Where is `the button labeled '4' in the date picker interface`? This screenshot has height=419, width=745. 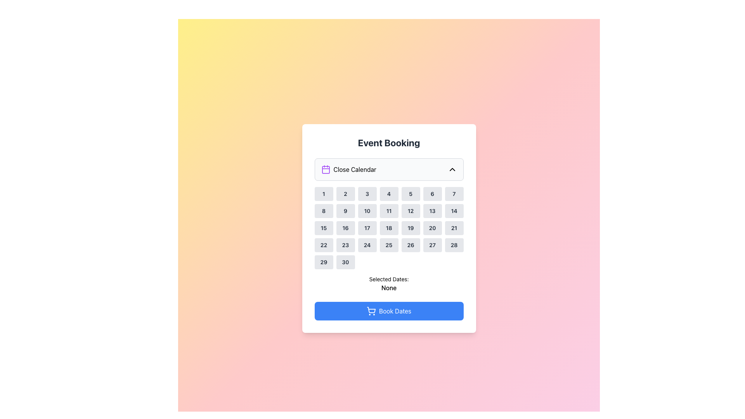
the button labeled '4' in the date picker interface is located at coordinates (389, 194).